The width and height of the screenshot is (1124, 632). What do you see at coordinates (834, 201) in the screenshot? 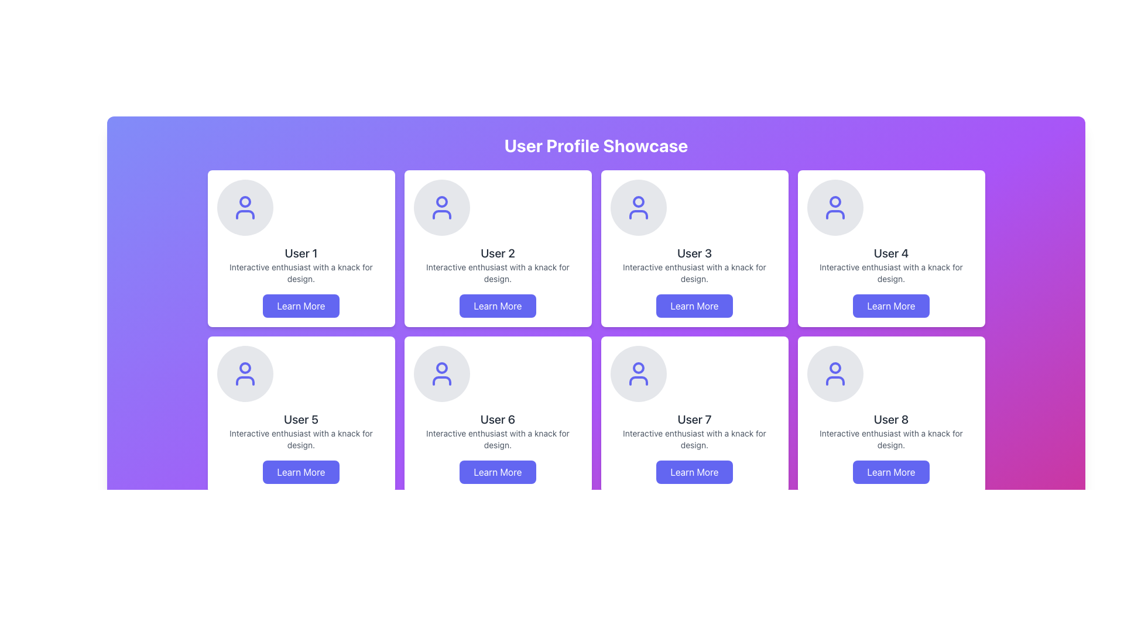
I see `the SVG circle that is part of the user profile icon located at the top-center of the 'User 4' card in the grid layout` at bounding box center [834, 201].